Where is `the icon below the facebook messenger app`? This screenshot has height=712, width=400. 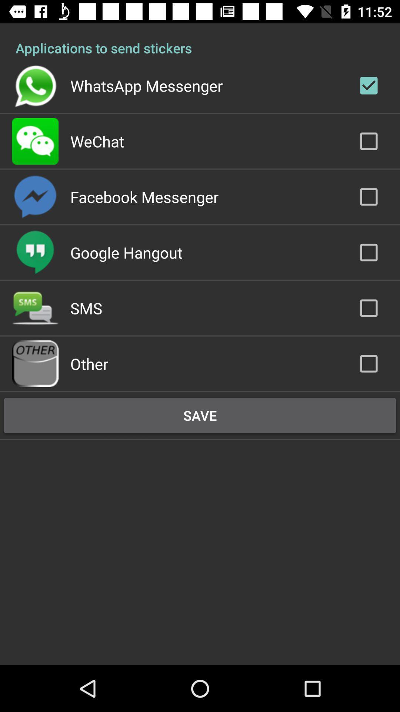 the icon below the facebook messenger app is located at coordinates (126, 253).